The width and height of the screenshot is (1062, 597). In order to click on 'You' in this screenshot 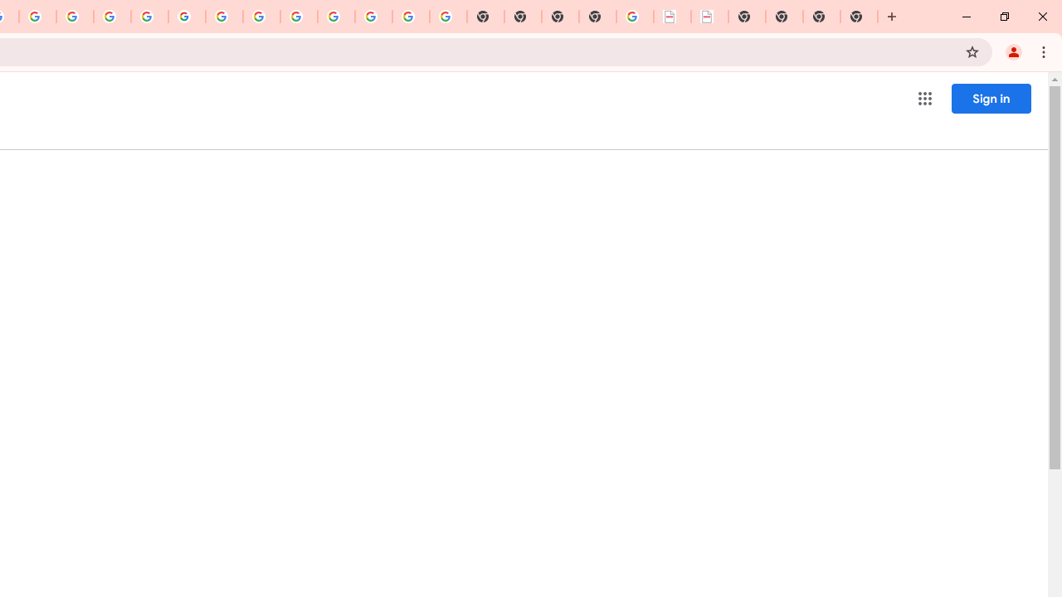, I will do `click(1012, 51)`.